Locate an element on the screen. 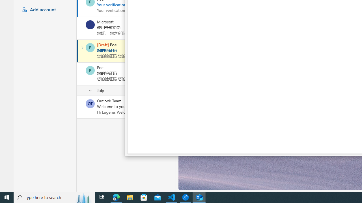 This screenshot has height=203, width=362. 'Mark as unread' is located at coordinates (77, 107).